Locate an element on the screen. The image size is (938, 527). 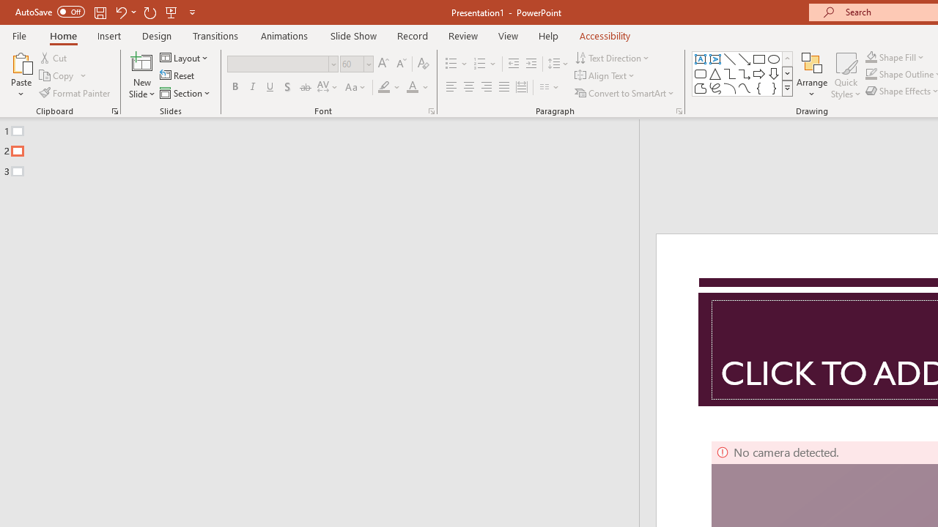
'New Slide' is located at coordinates (141, 61).